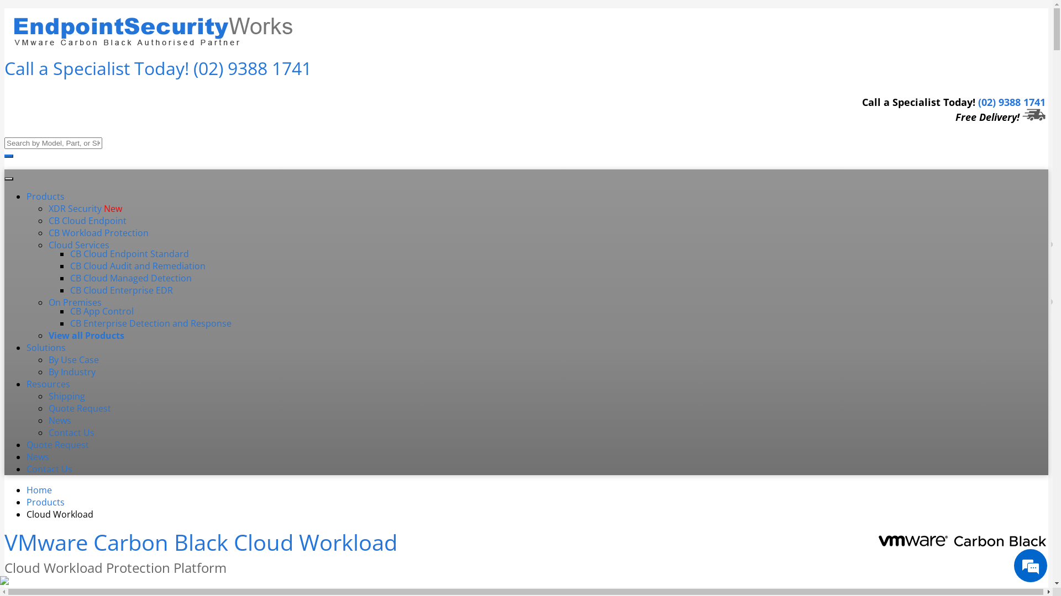 The width and height of the screenshot is (1061, 596). Describe the element at coordinates (71, 372) in the screenshot. I see `'By Industry'` at that location.